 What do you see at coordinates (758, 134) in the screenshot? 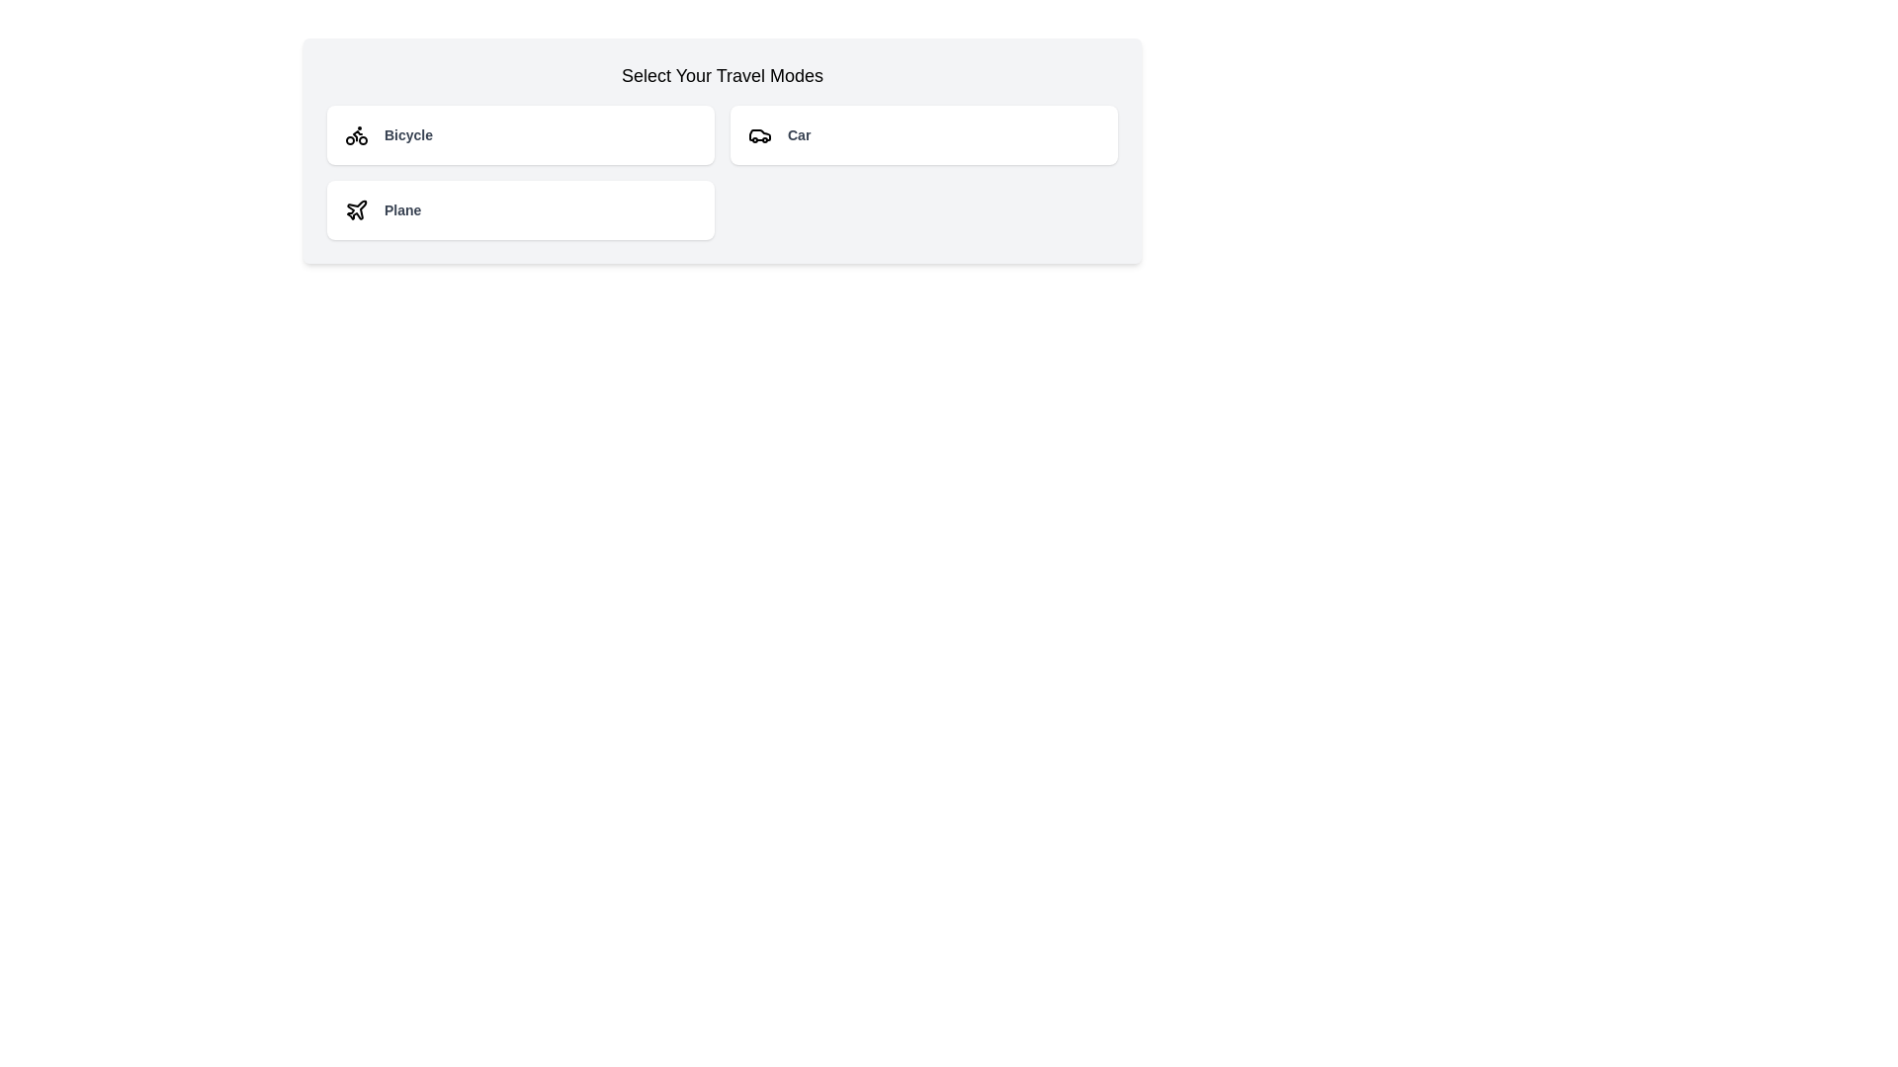
I see `the 'Car' icon located in the upper-right card, specifically to the left of the 'Car' label` at bounding box center [758, 134].